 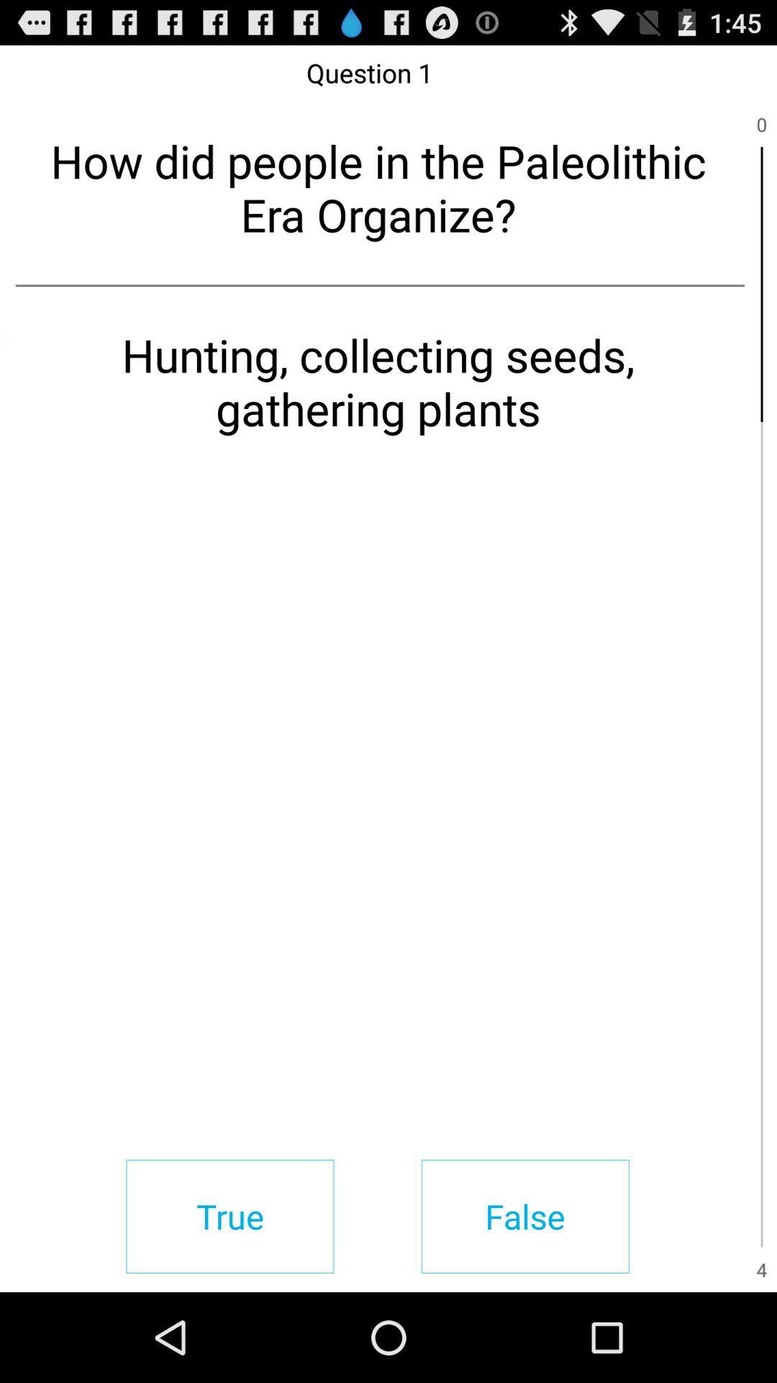 I want to click on the icon next to false, so click(x=229, y=1216).